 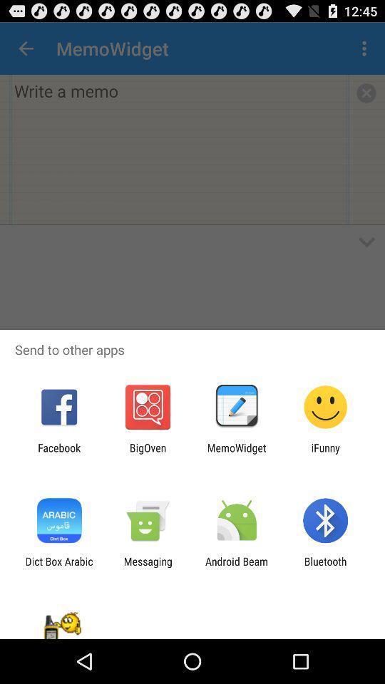 What do you see at coordinates (147, 453) in the screenshot?
I see `the app next to the facebook app` at bounding box center [147, 453].